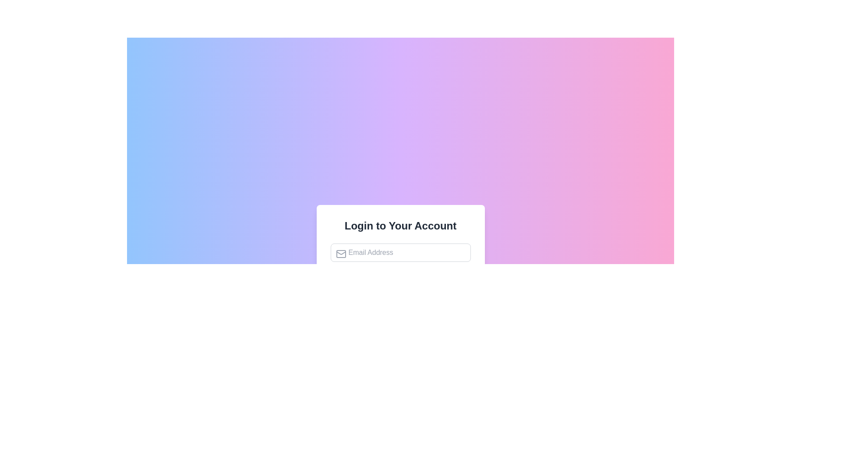 This screenshot has width=841, height=473. What do you see at coordinates (400, 226) in the screenshot?
I see `the Text Label that serves as the title for the login form, positioned at the top of a white, rounded rectangular box` at bounding box center [400, 226].